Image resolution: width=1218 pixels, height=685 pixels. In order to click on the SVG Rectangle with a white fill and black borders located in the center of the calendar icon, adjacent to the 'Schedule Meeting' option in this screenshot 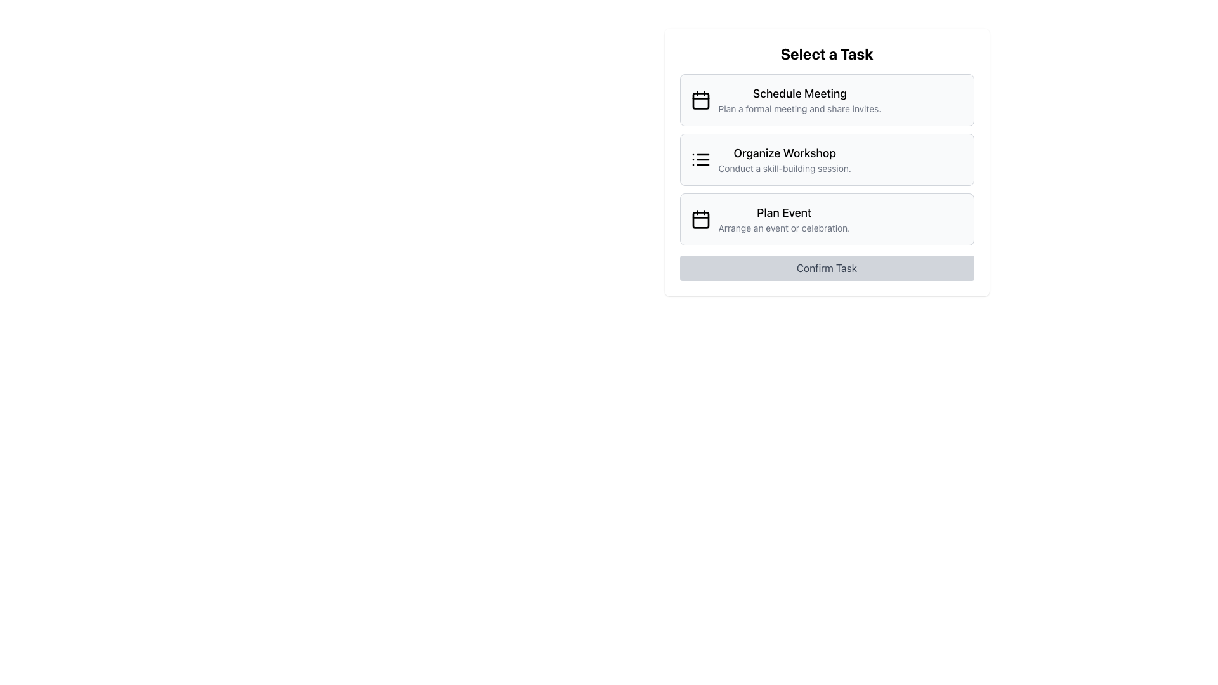, I will do `click(700, 100)`.